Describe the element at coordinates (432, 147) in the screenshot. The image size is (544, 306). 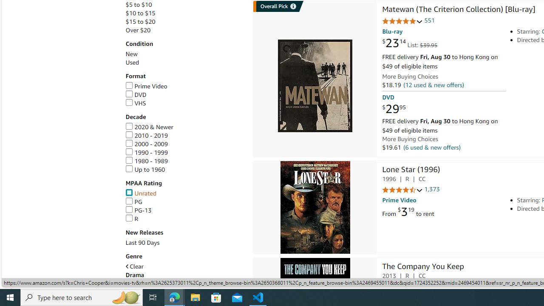
I see `'(6 used & new offers)'` at that location.